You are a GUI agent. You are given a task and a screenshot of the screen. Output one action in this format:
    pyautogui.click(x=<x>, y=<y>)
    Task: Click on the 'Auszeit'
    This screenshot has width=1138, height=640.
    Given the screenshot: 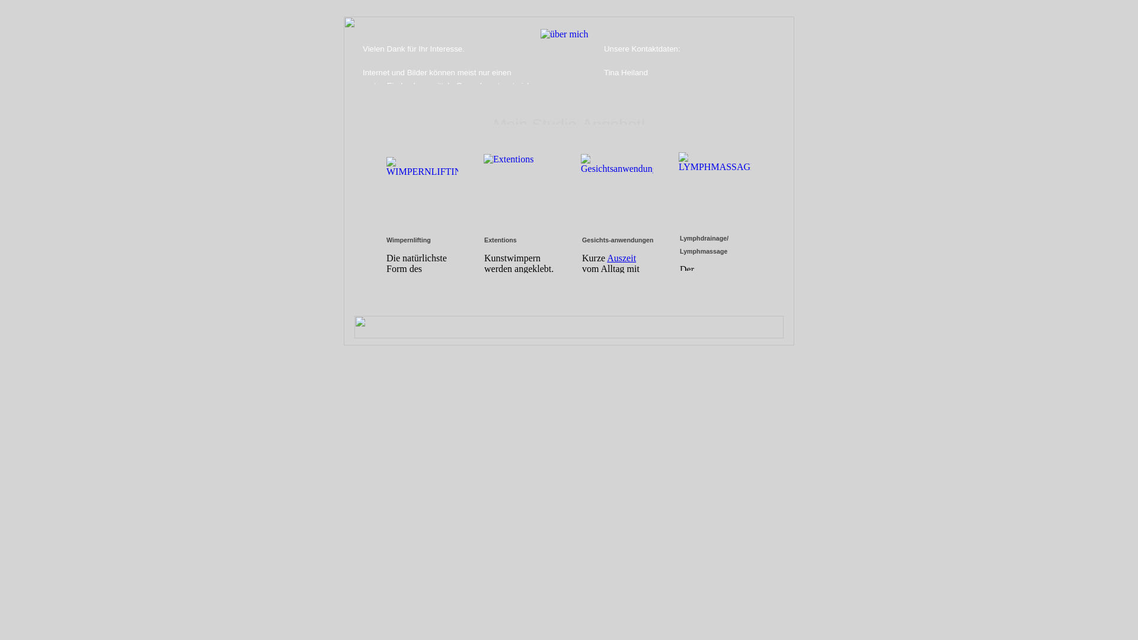 What is the action you would take?
    pyautogui.click(x=621, y=257)
    